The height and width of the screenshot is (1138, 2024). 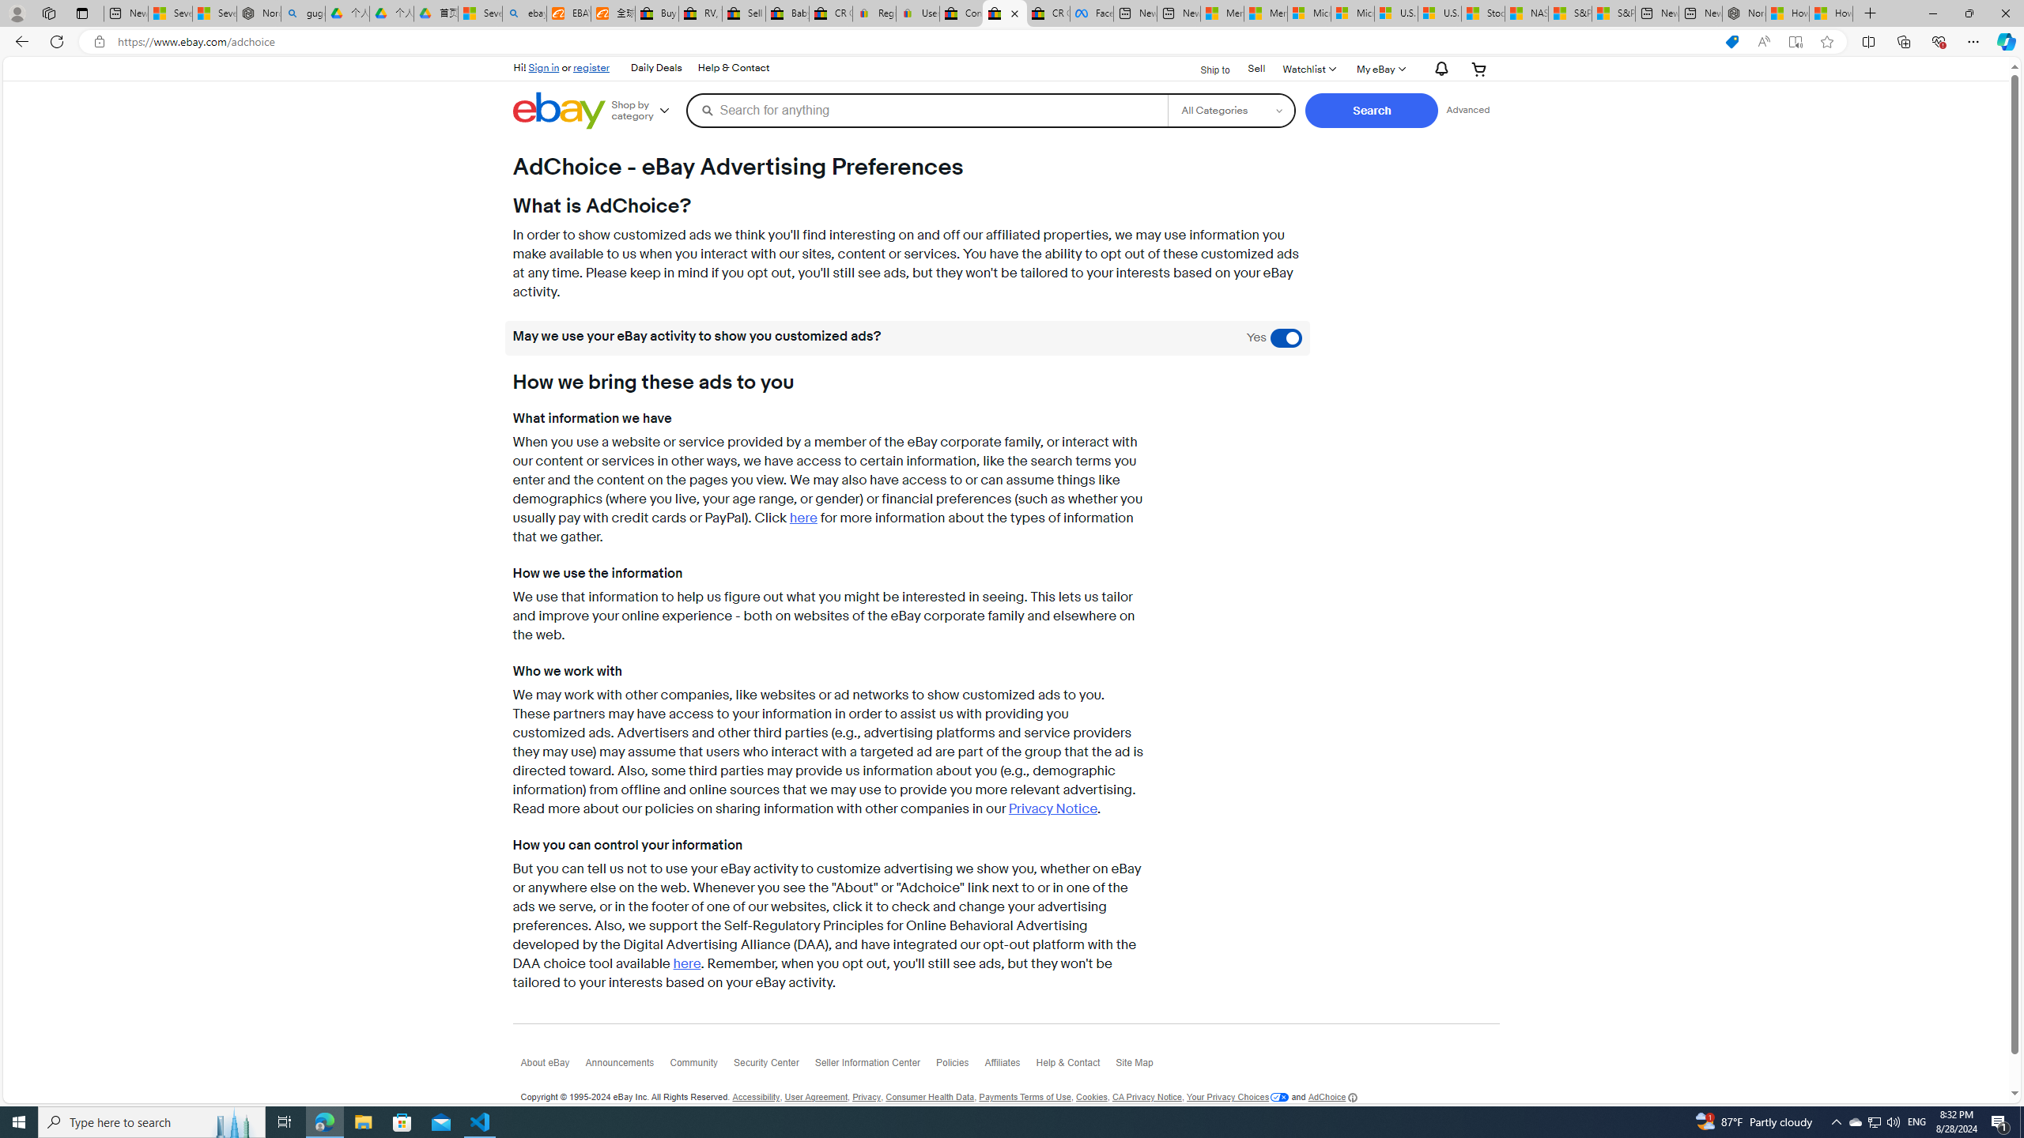 I want to click on 'Your shopping cart', so click(x=1479, y=69).